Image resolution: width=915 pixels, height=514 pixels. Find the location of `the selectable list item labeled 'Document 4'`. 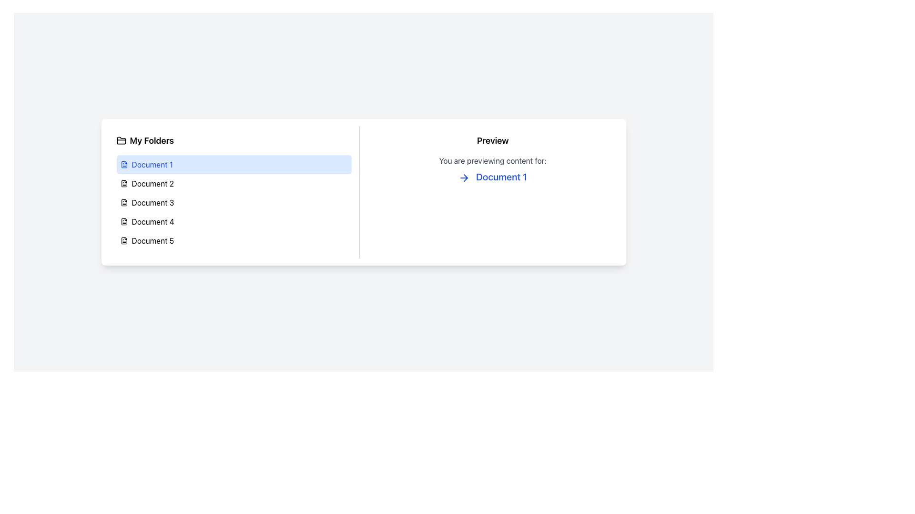

the selectable list item labeled 'Document 4' is located at coordinates (234, 222).